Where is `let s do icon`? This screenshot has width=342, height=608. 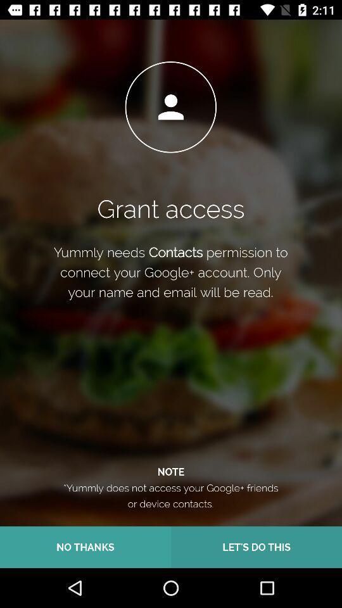 let s do icon is located at coordinates (256, 547).